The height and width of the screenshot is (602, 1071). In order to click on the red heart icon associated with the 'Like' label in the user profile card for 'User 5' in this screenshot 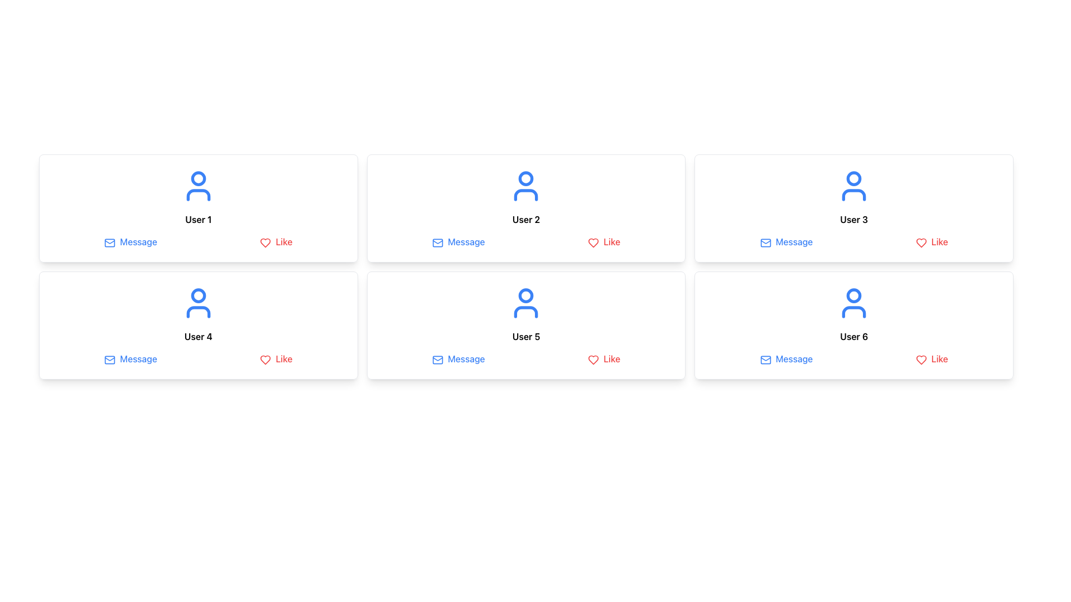, I will do `click(593, 360)`.